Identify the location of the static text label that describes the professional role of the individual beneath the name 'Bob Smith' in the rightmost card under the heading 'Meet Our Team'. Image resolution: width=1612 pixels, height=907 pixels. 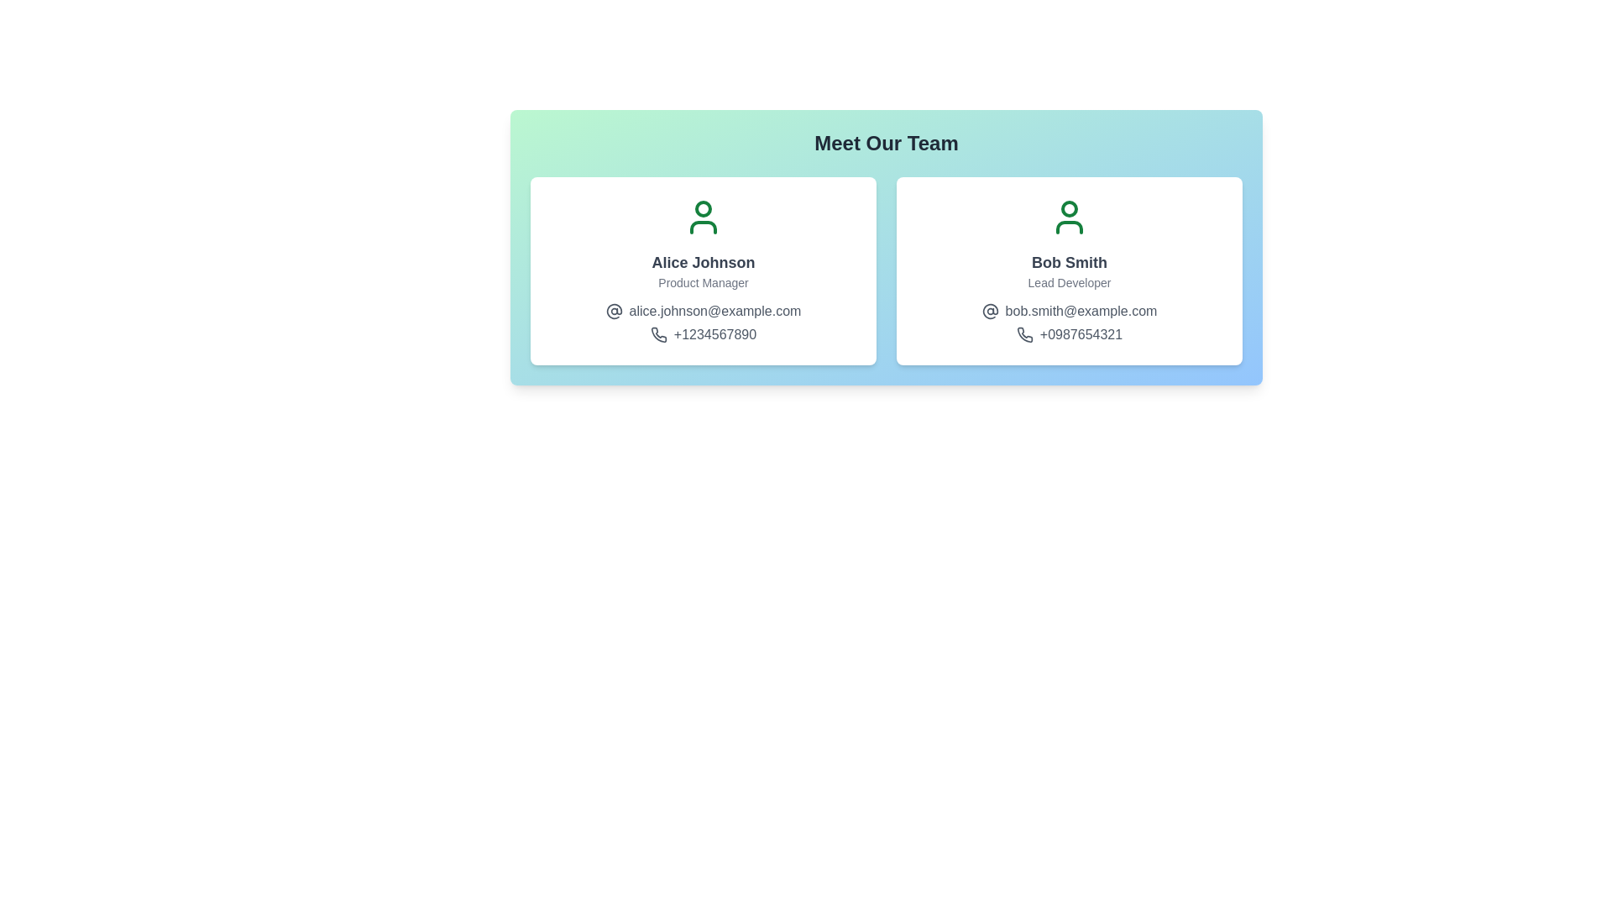
(1068, 281).